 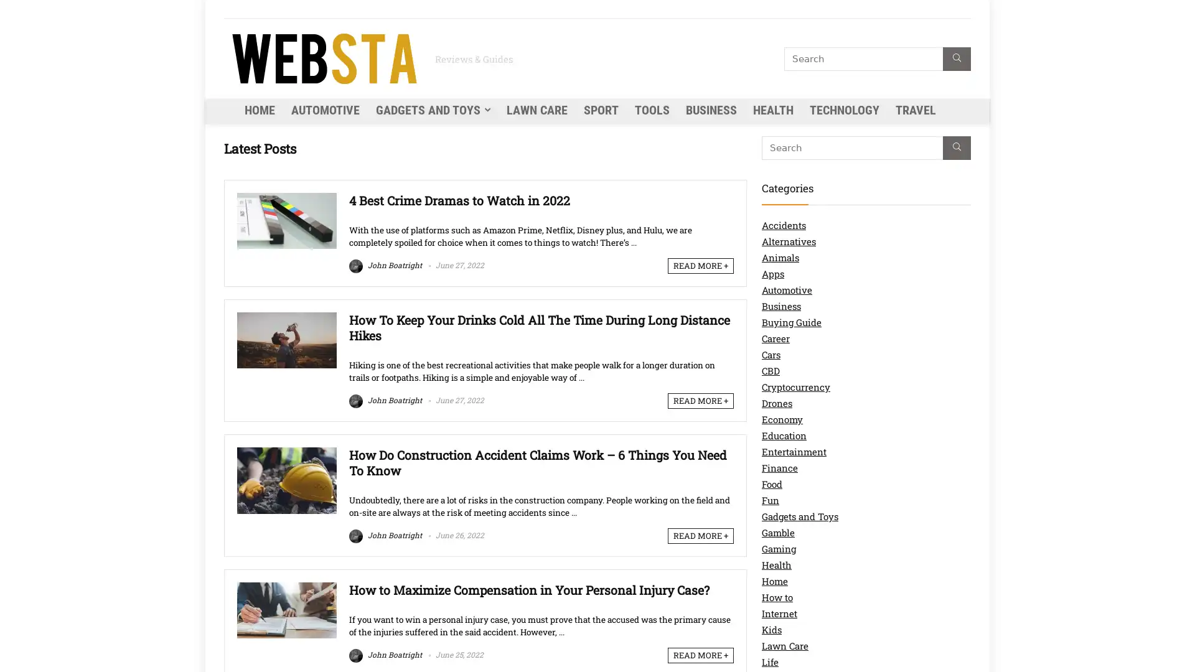 I want to click on Search, so click(x=956, y=147).